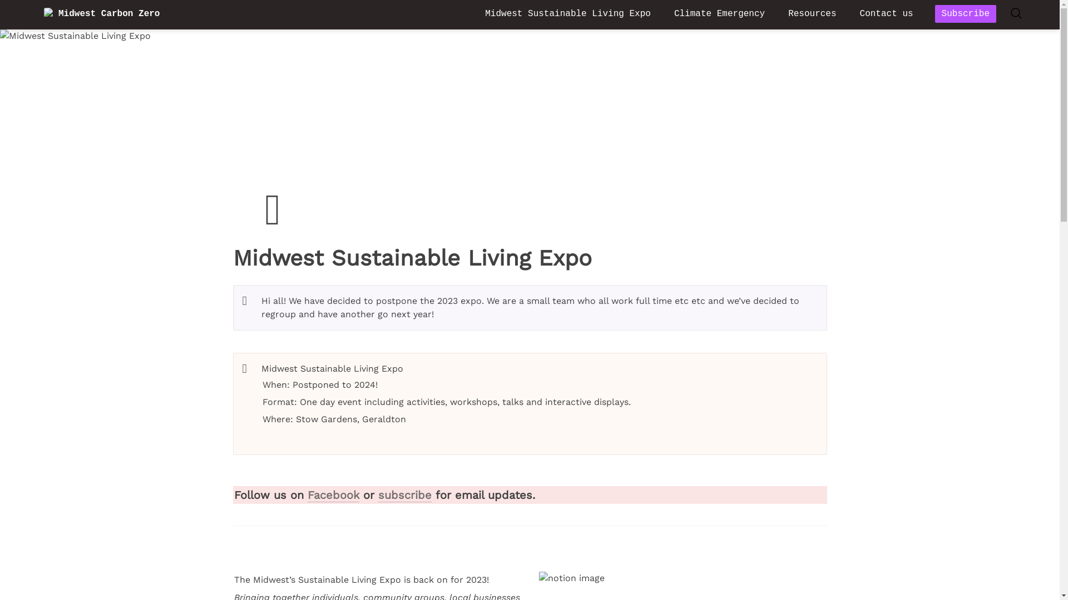 The width and height of the screenshot is (1068, 600). I want to click on 'Facebook', so click(332, 494).